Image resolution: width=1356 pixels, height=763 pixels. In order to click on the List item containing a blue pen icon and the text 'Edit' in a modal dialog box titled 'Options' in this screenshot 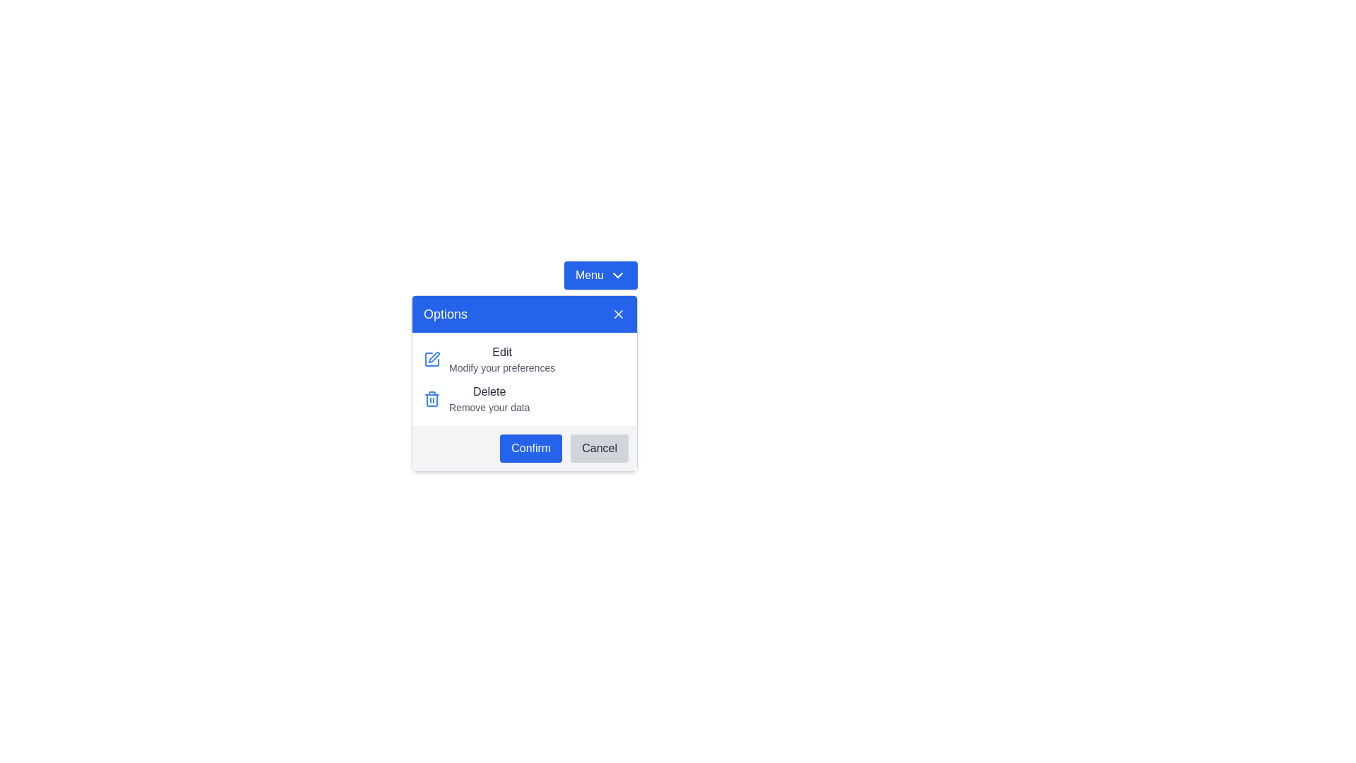, I will do `click(524, 359)`.